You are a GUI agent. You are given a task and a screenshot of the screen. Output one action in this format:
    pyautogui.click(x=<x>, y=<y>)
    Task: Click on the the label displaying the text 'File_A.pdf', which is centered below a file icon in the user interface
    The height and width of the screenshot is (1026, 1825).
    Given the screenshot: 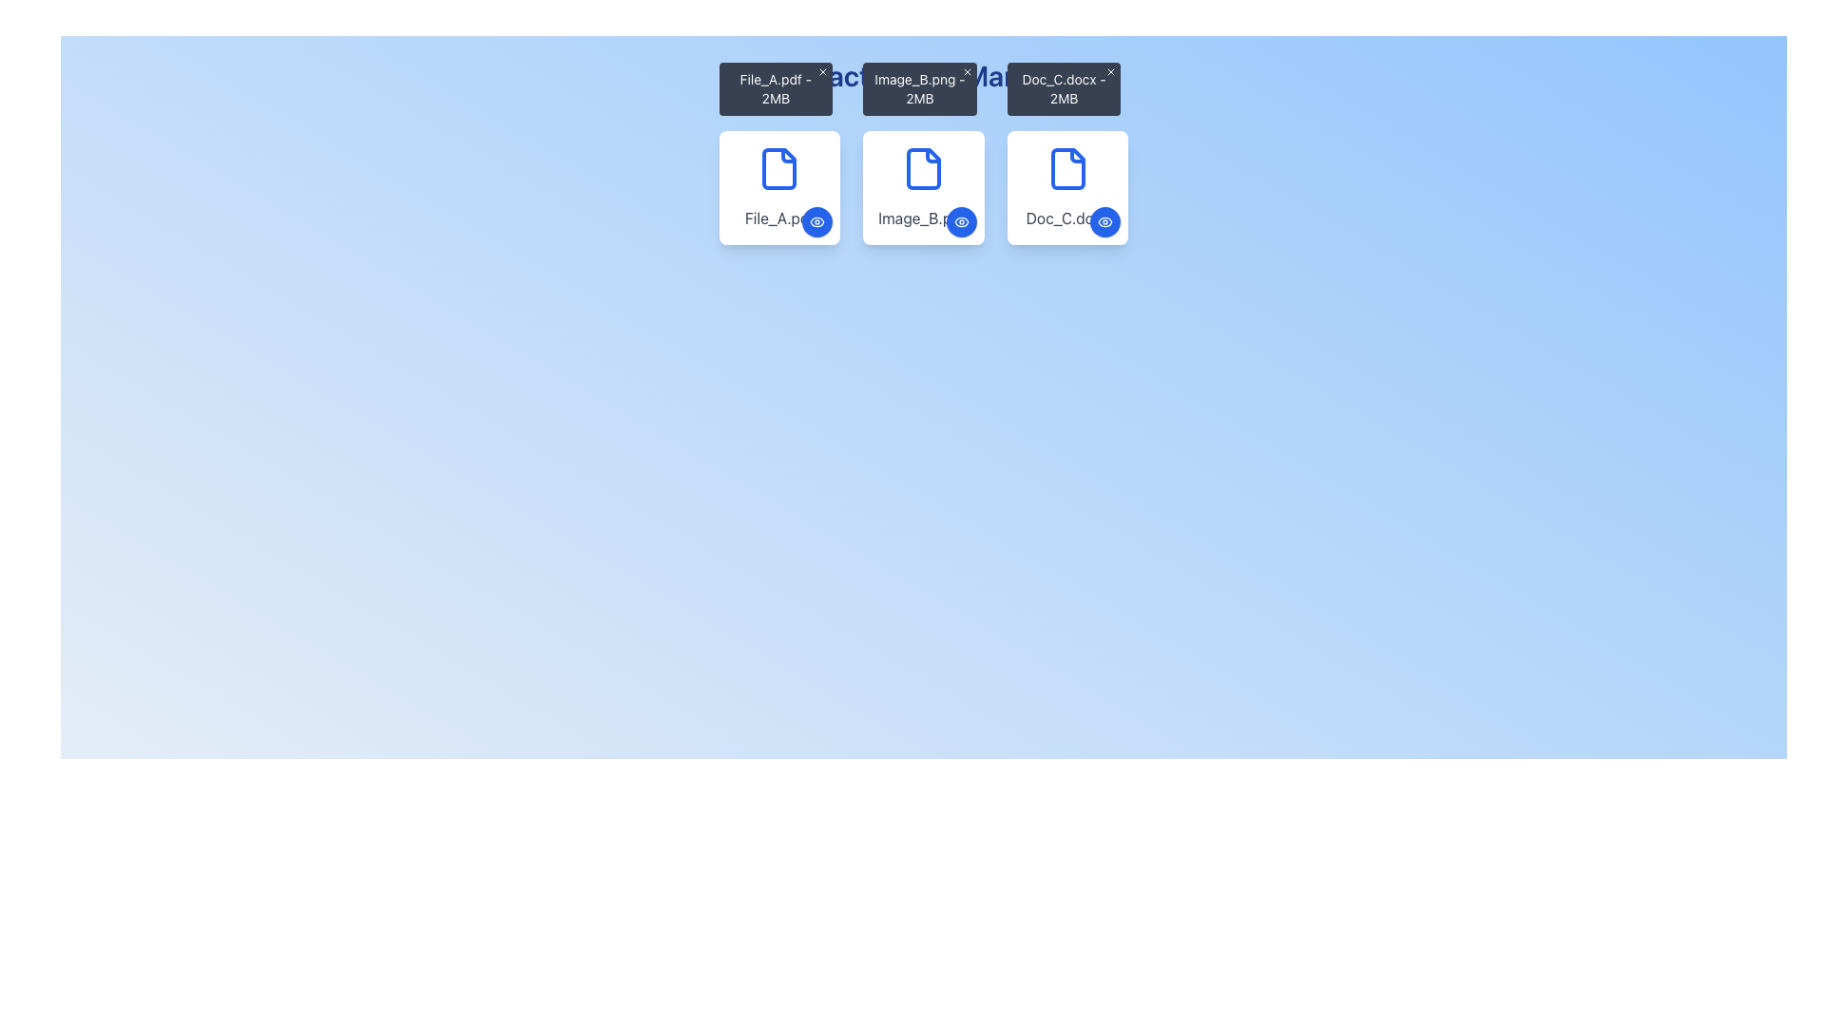 What is the action you would take?
    pyautogui.click(x=779, y=218)
    